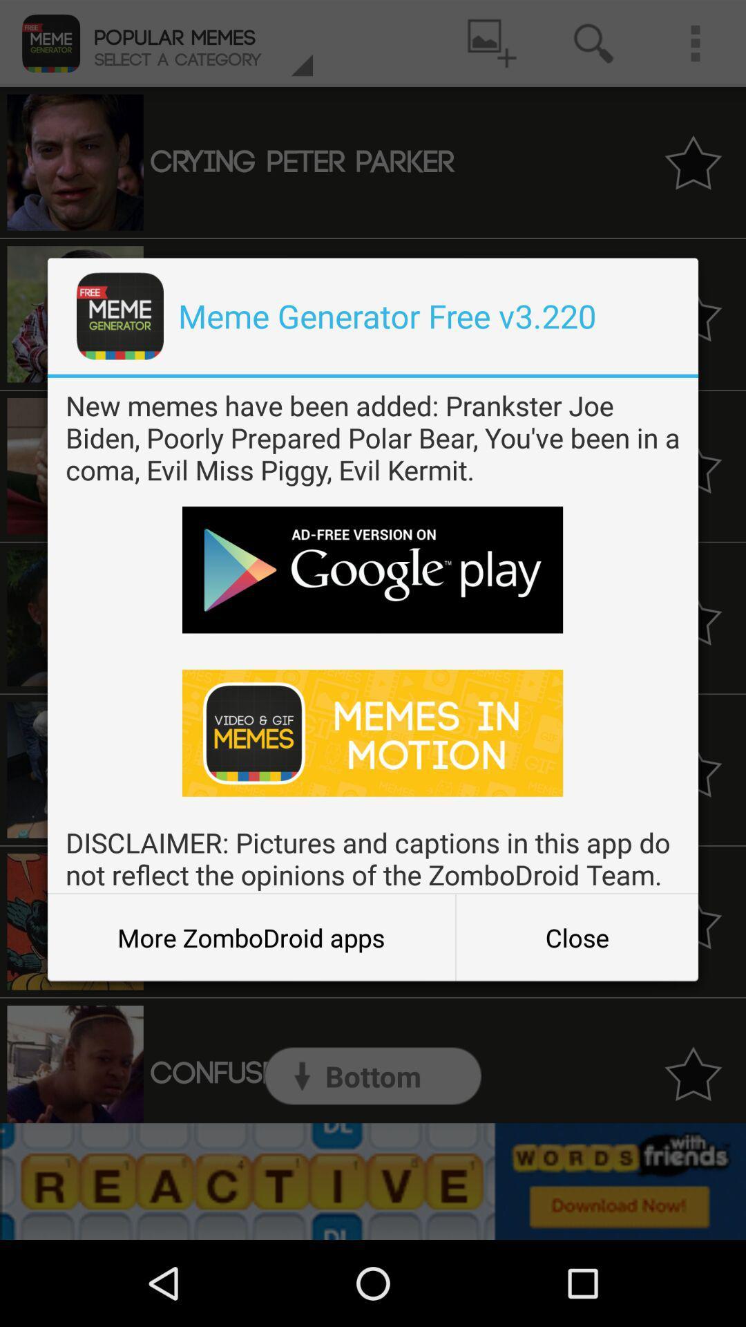 The image size is (746, 1327). Describe the element at coordinates (372, 570) in the screenshot. I see `google play` at that location.